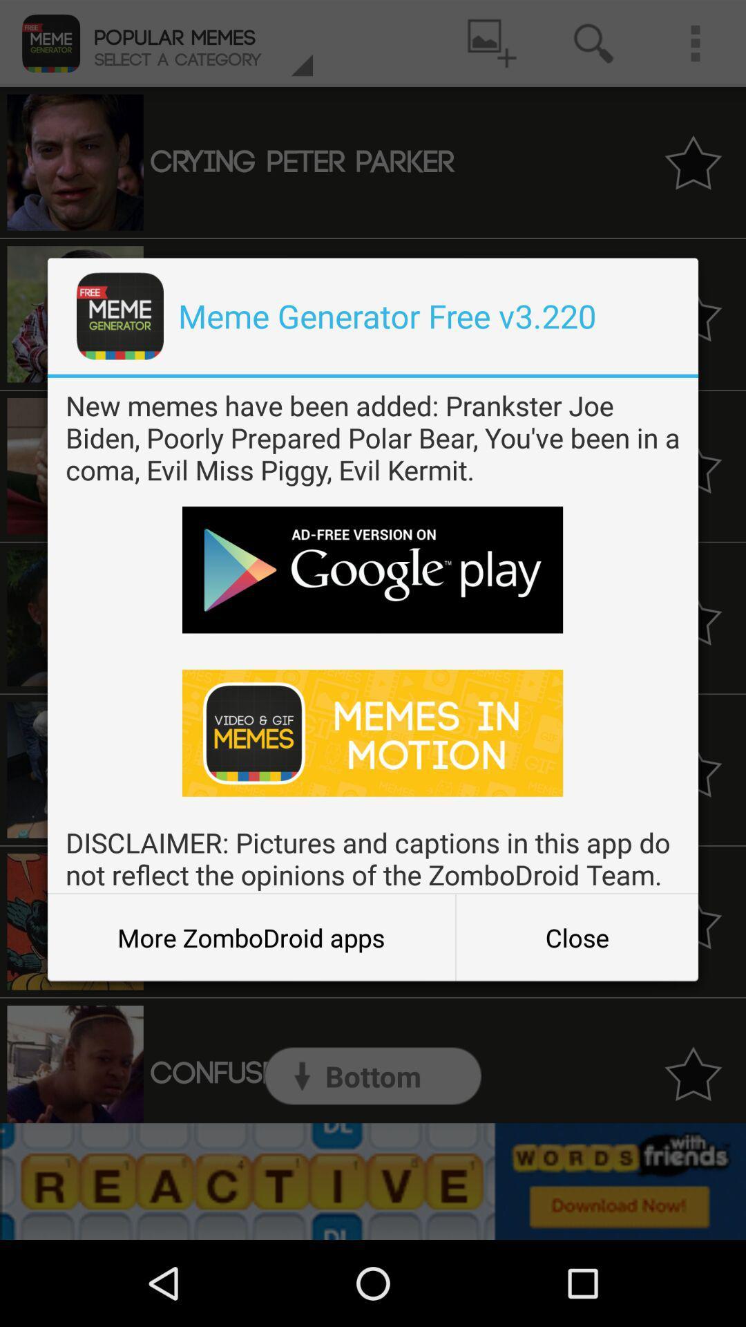 The image size is (746, 1327). Describe the element at coordinates (372, 570) in the screenshot. I see `google play` at that location.